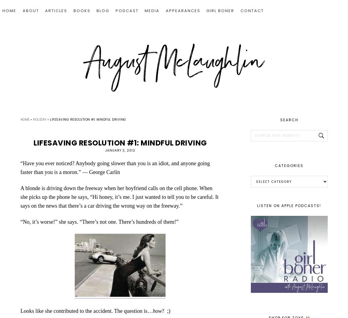 Image resolution: width=348 pixels, height=318 pixels. What do you see at coordinates (81, 10) in the screenshot?
I see `'BOOKS'` at bounding box center [81, 10].